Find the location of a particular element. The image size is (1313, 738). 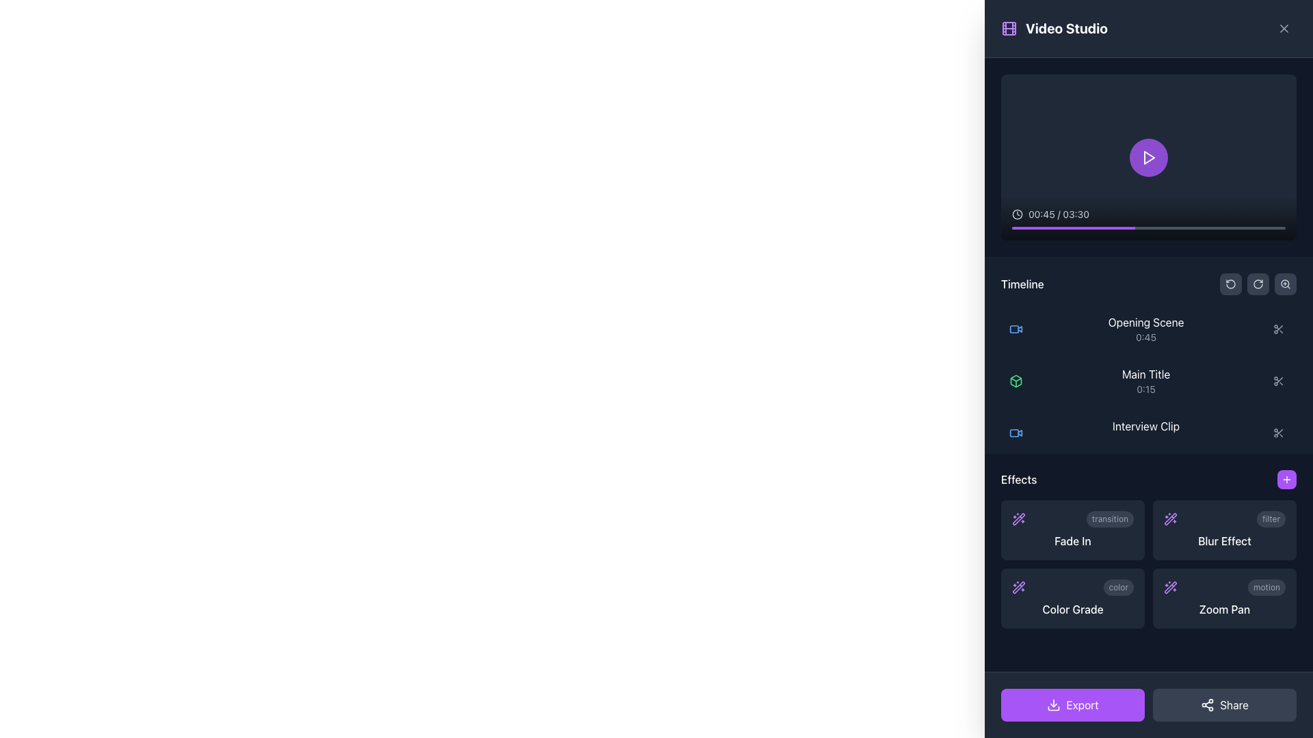

the export button located at the bottom of the UI, before the 'Share' button, to interact with animations or tooltips is located at coordinates (1072, 705).